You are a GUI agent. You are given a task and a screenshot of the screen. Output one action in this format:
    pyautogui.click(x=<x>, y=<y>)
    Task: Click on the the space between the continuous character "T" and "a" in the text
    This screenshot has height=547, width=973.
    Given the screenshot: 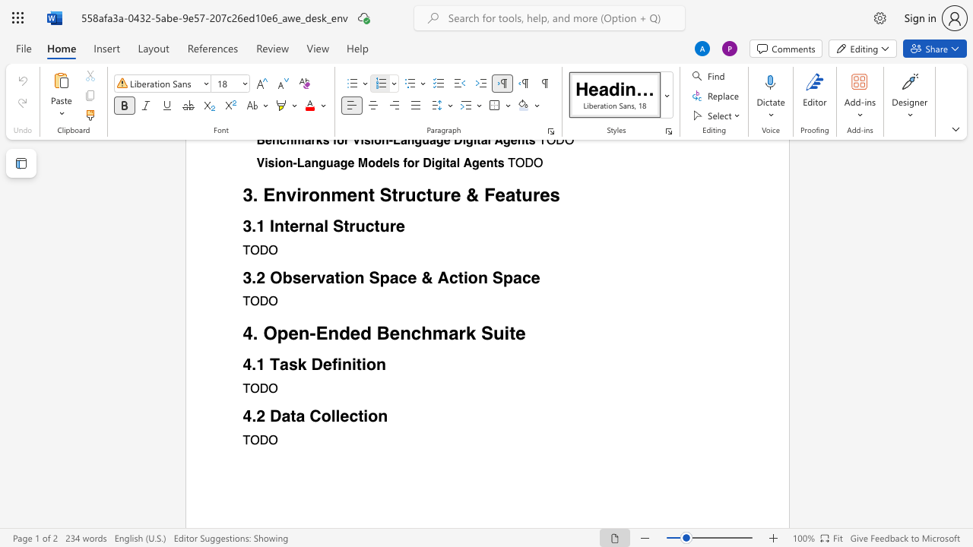 What is the action you would take?
    pyautogui.click(x=279, y=364)
    